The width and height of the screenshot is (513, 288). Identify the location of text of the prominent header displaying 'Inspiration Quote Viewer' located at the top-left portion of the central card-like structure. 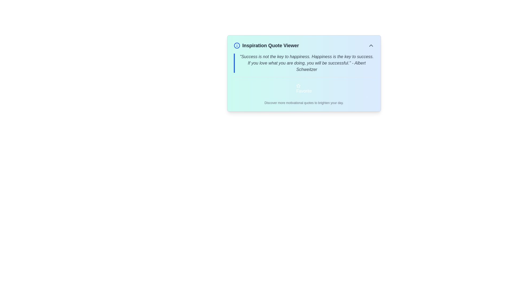
(270, 45).